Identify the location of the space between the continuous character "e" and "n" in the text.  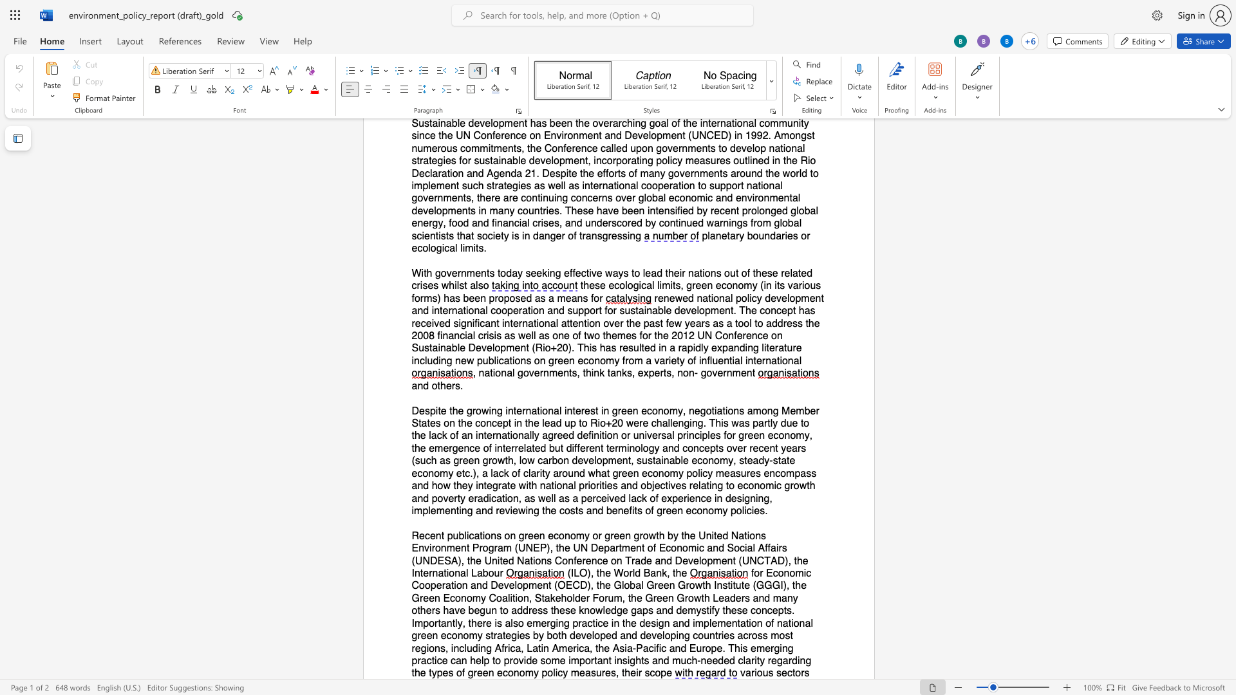
(487, 672).